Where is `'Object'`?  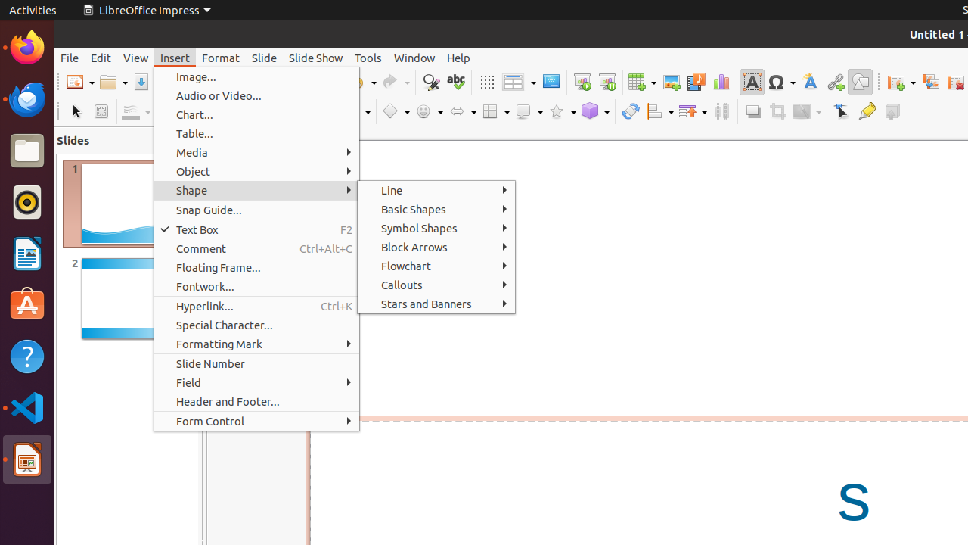 'Object' is located at coordinates (256, 170).